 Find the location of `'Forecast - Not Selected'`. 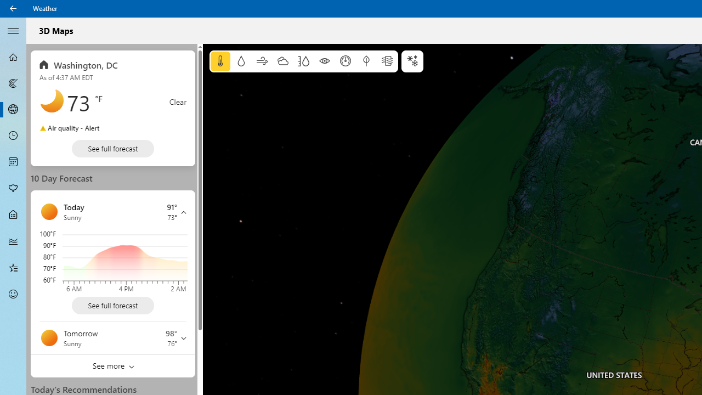

'Forecast - Not Selected' is located at coordinates (13, 57).